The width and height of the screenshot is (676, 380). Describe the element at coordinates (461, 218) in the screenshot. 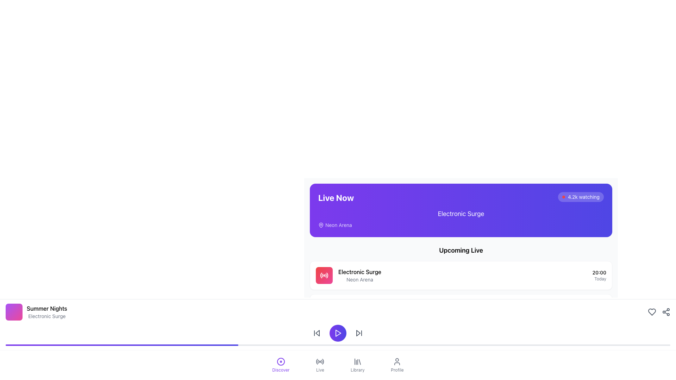

I see `the Text block displaying the name of a live event and its associated venue, which is centrally positioned beneath the 'Live Now' header and aligned with the '4.2k watching' text on the right` at that location.